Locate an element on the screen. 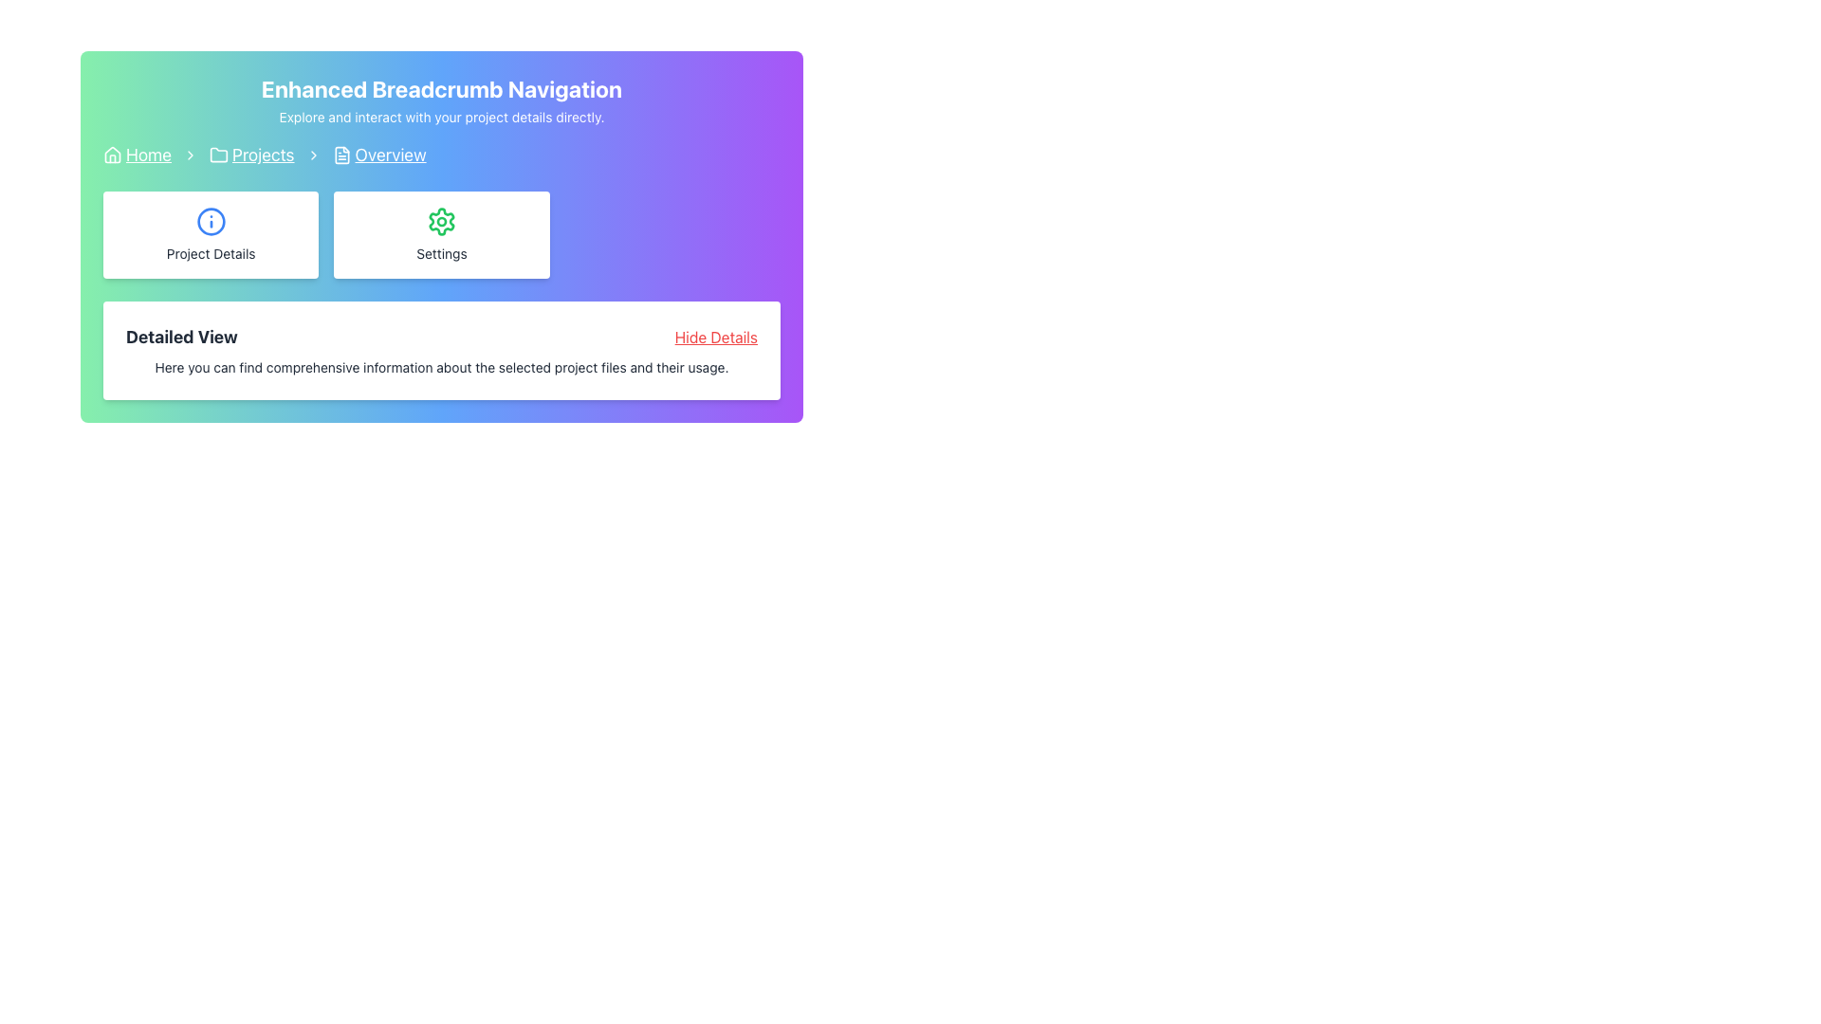  the 'Projects' breadcrumb navigation link is located at coordinates (262, 155).